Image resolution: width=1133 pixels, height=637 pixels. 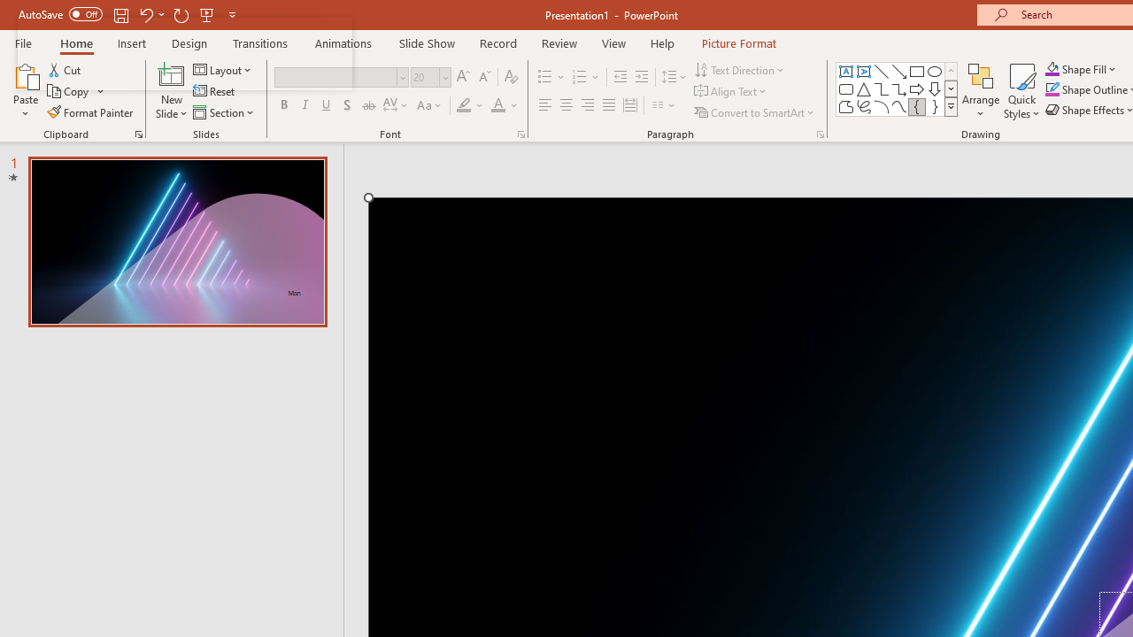 I want to click on 'Vertical Text Box', so click(x=864, y=71).